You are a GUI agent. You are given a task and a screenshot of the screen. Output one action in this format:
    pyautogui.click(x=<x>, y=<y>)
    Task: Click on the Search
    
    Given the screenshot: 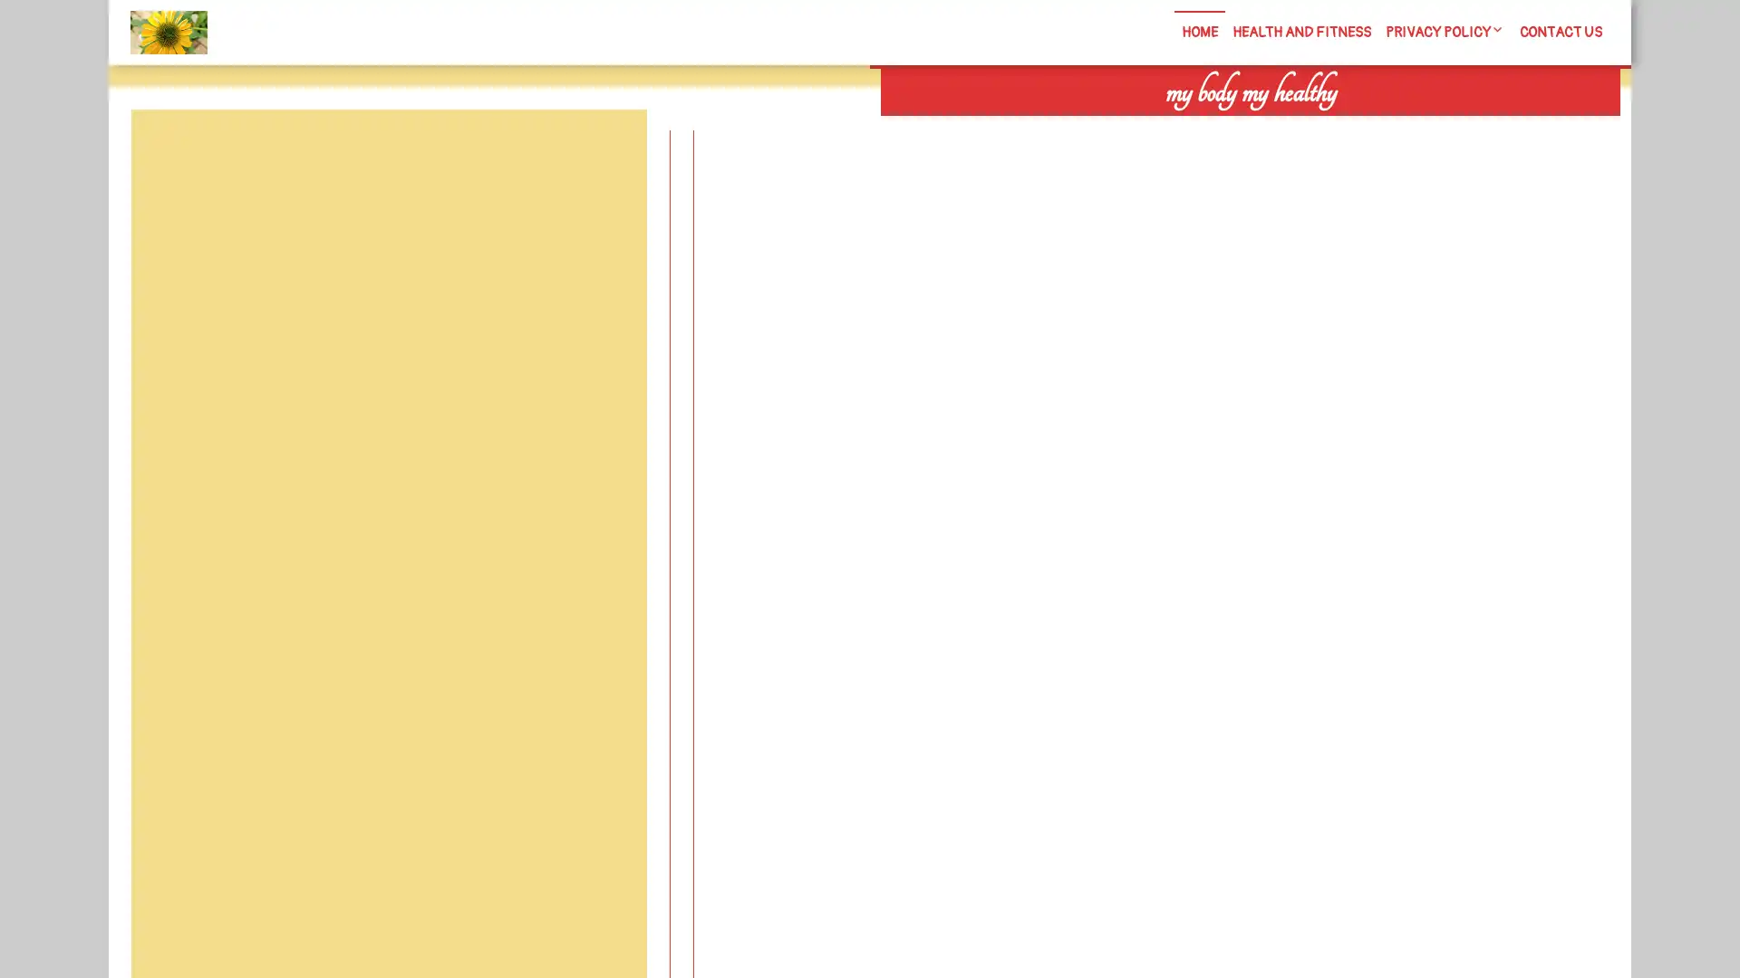 What is the action you would take?
    pyautogui.click(x=1411, y=127)
    